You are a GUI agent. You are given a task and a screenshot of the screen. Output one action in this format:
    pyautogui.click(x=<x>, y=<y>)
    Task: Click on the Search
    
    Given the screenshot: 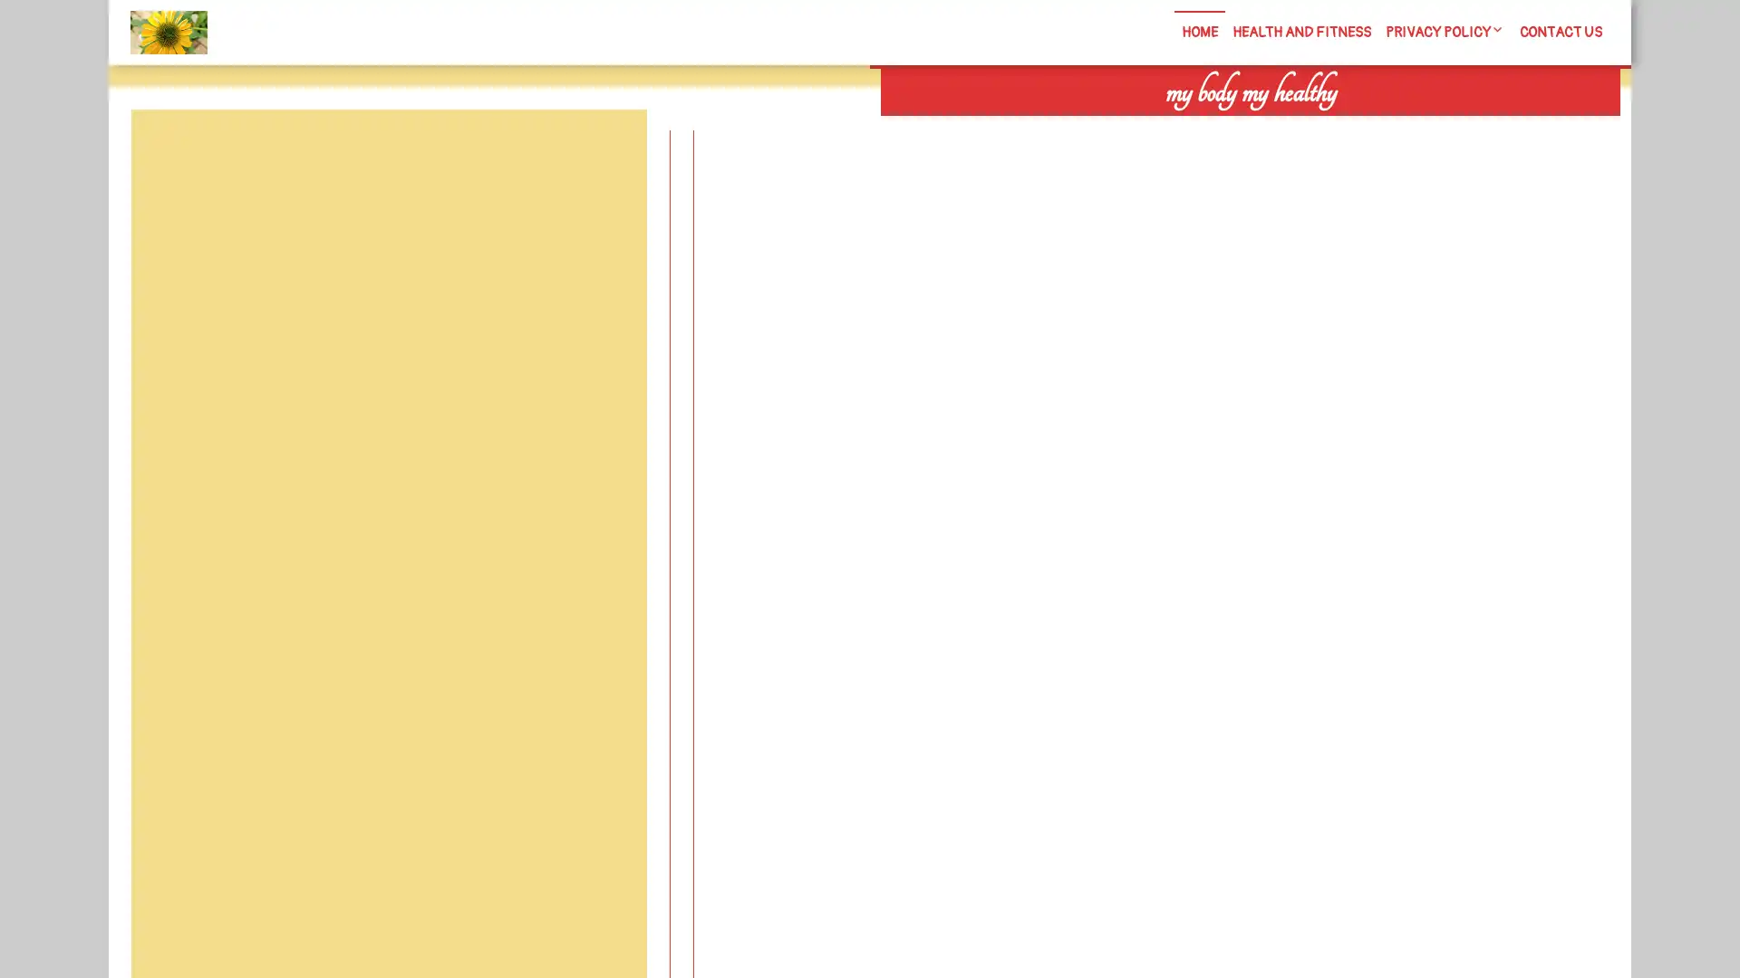 What is the action you would take?
    pyautogui.click(x=1411, y=127)
    